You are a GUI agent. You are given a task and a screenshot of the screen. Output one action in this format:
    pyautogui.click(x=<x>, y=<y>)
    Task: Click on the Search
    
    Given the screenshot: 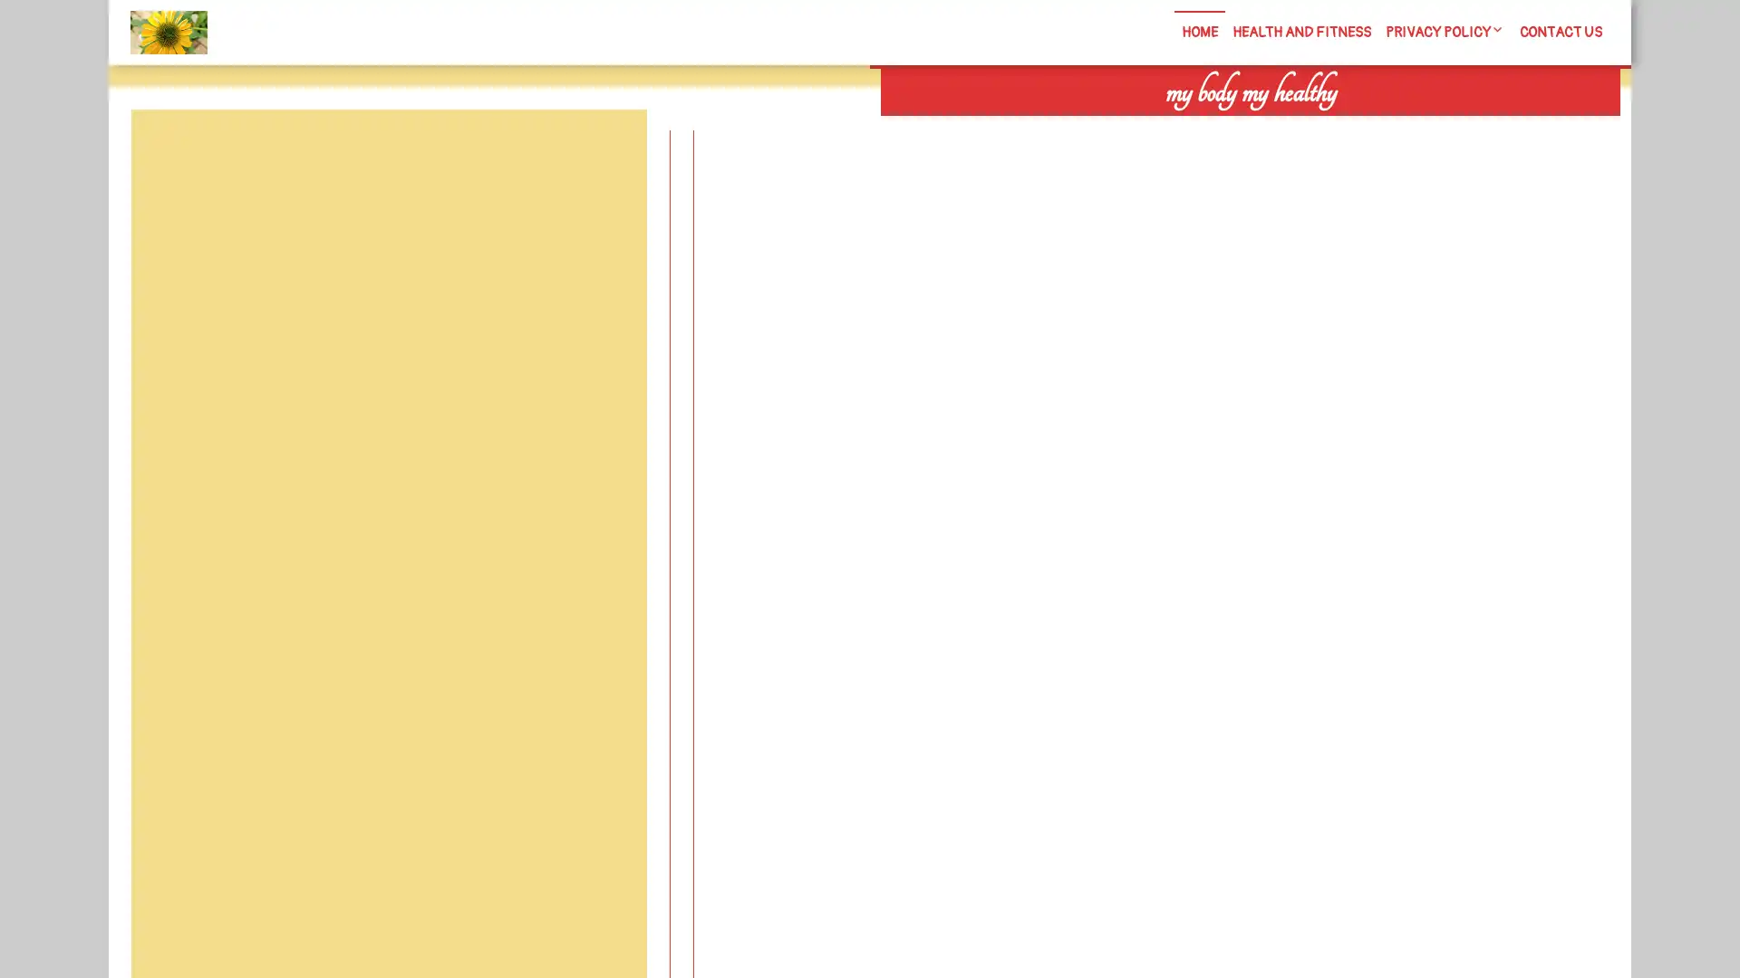 What is the action you would take?
    pyautogui.click(x=1411, y=127)
    